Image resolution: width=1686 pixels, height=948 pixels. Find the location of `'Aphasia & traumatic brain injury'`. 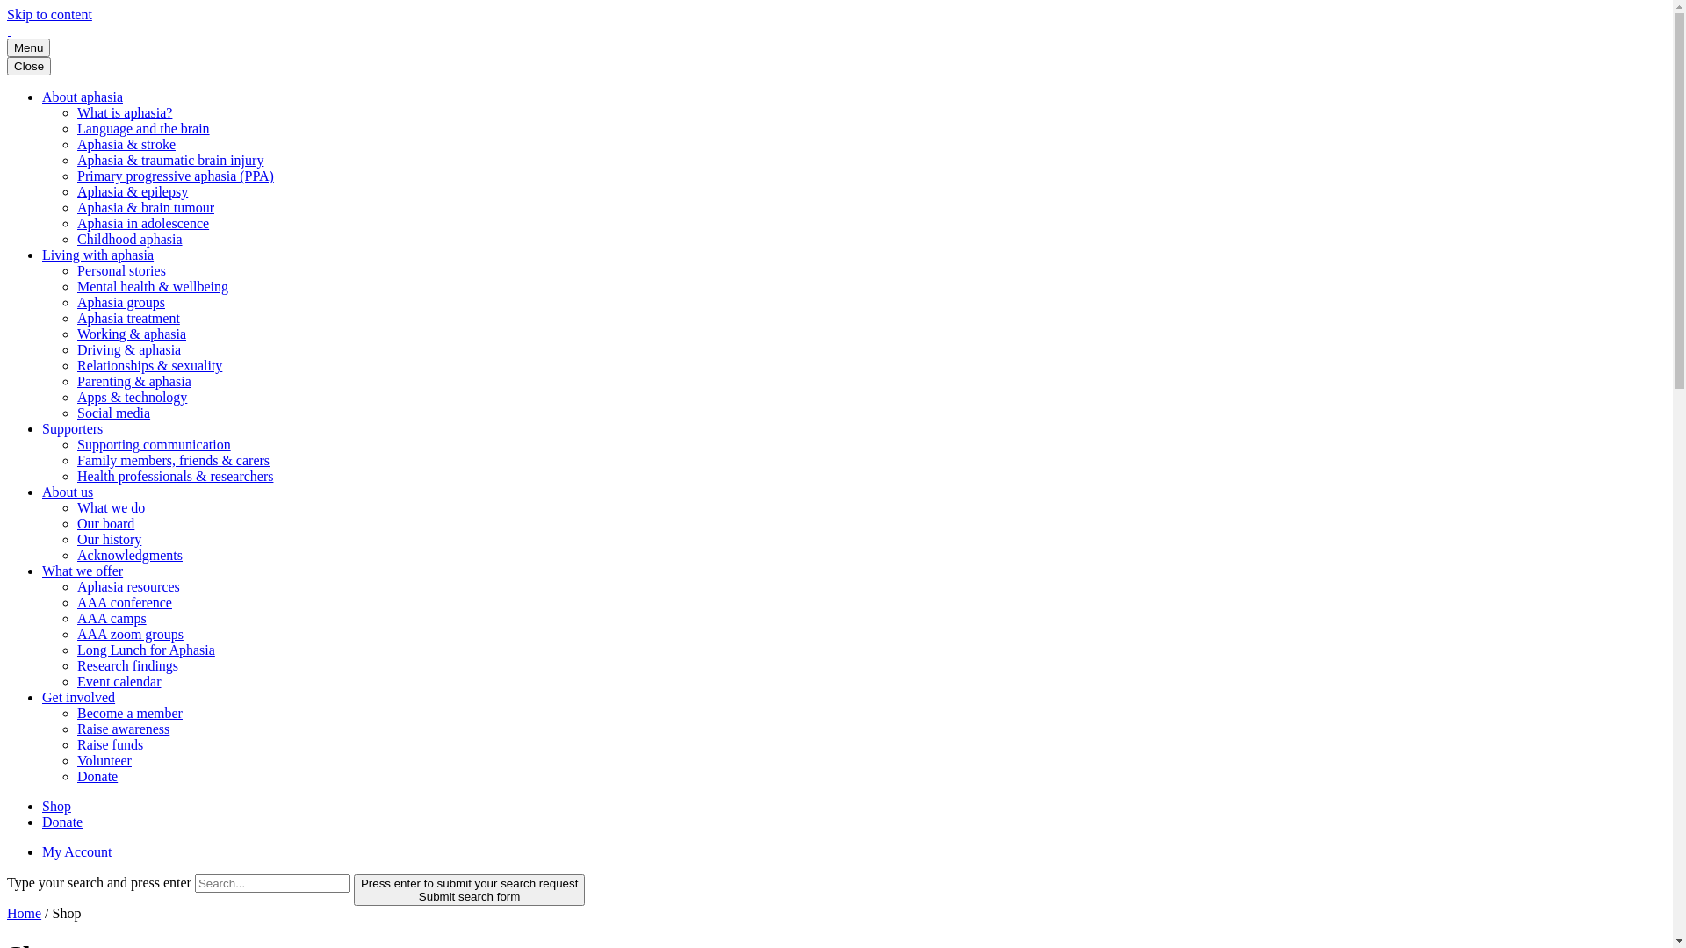

'Aphasia & traumatic brain injury' is located at coordinates (169, 160).